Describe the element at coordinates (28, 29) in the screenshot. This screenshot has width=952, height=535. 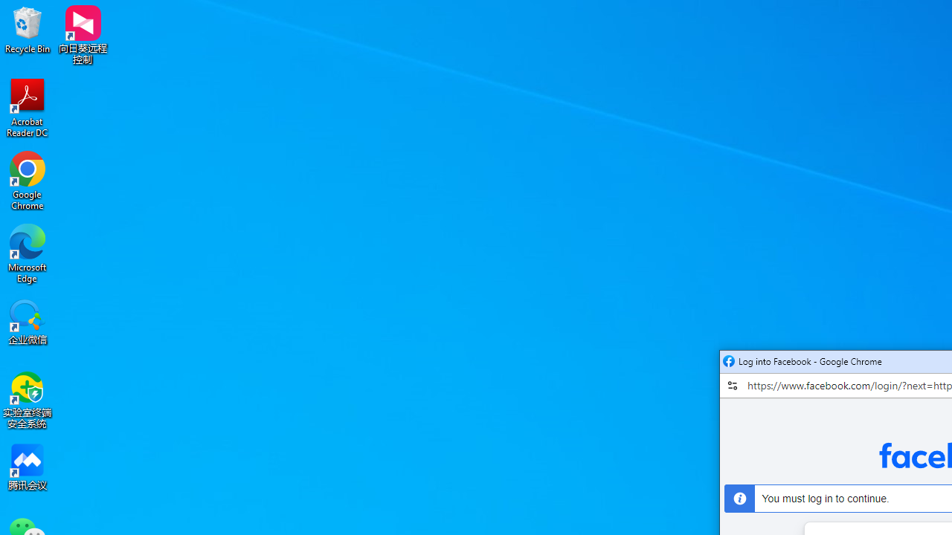
I see `'Recycle Bin'` at that location.